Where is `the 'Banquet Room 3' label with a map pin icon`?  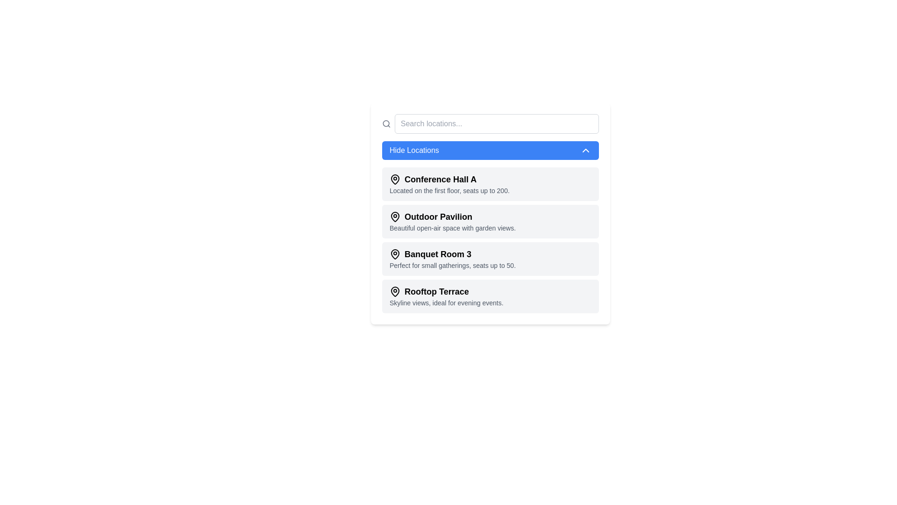
the 'Banquet Room 3' label with a map pin icon is located at coordinates (453, 254).